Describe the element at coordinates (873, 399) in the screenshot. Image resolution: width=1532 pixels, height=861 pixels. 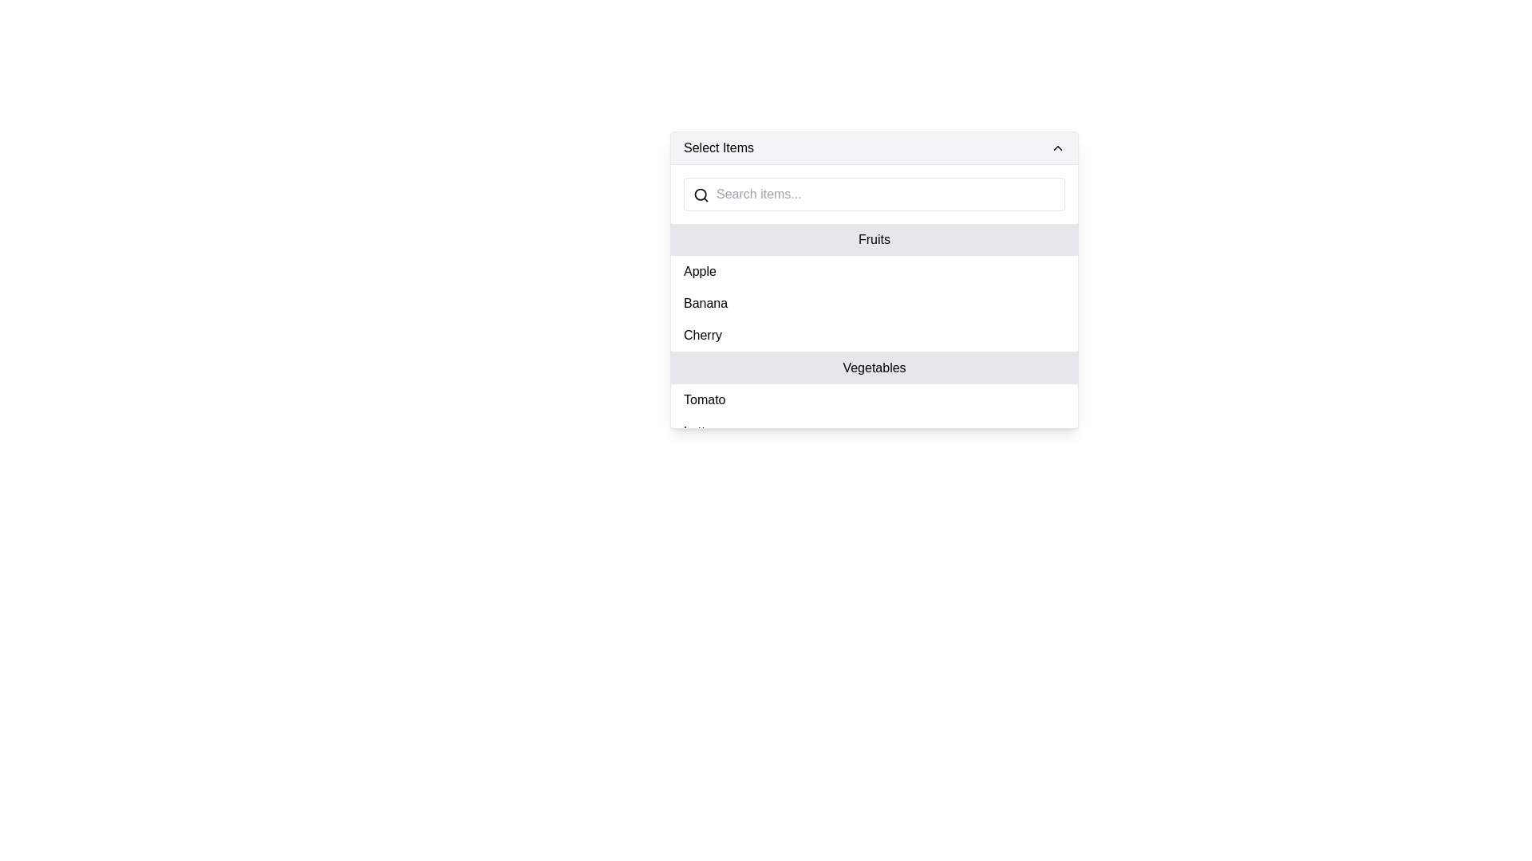
I see `to select the 'Tomato' option from the dropdown menu, which is the first item under the 'Vegetables' section` at that location.